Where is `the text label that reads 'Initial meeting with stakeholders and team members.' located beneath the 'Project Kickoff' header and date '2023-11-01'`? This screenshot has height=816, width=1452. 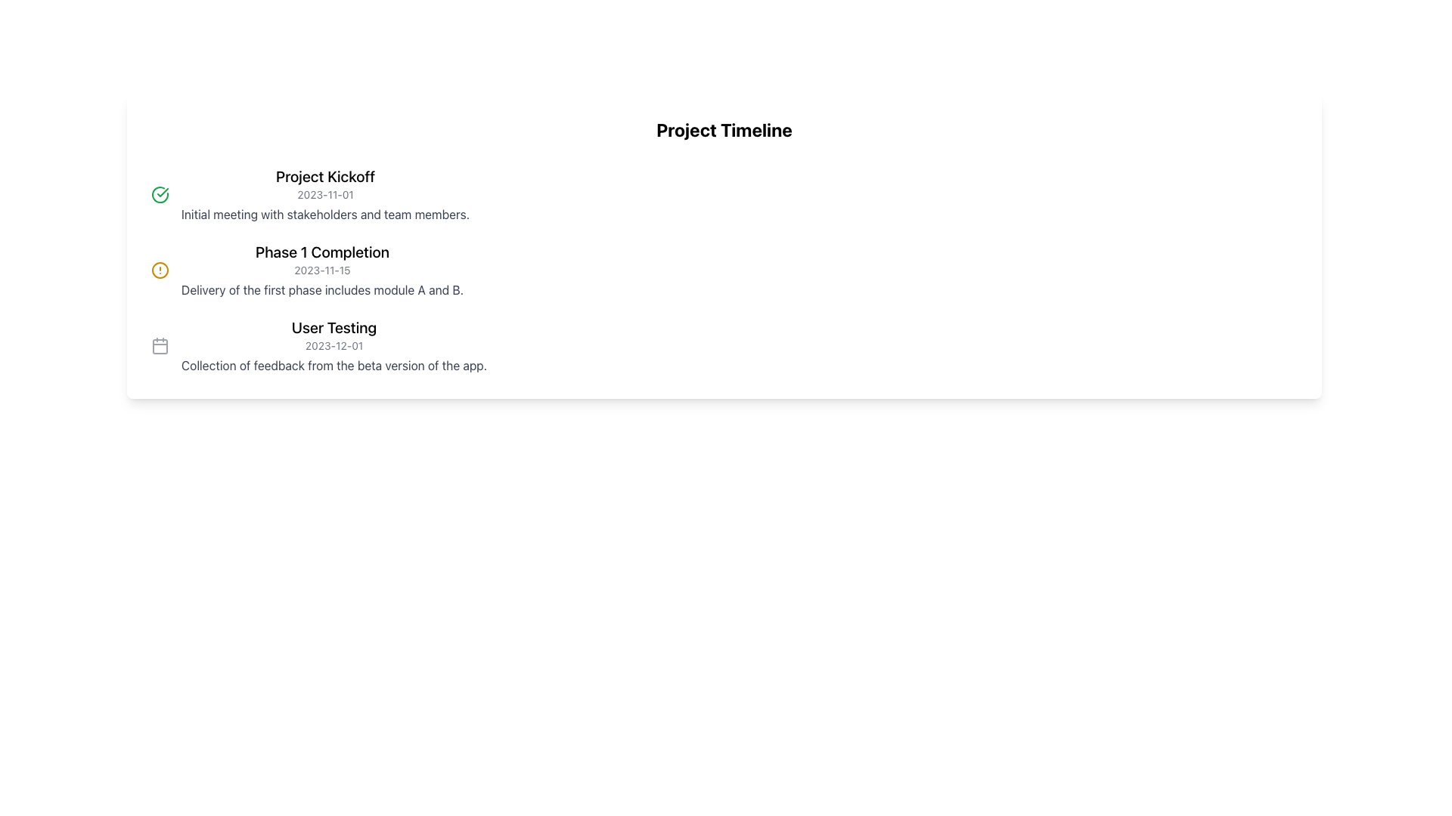 the text label that reads 'Initial meeting with stakeholders and team members.' located beneath the 'Project Kickoff' header and date '2023-11-01' is located at coordinates (324, 215).